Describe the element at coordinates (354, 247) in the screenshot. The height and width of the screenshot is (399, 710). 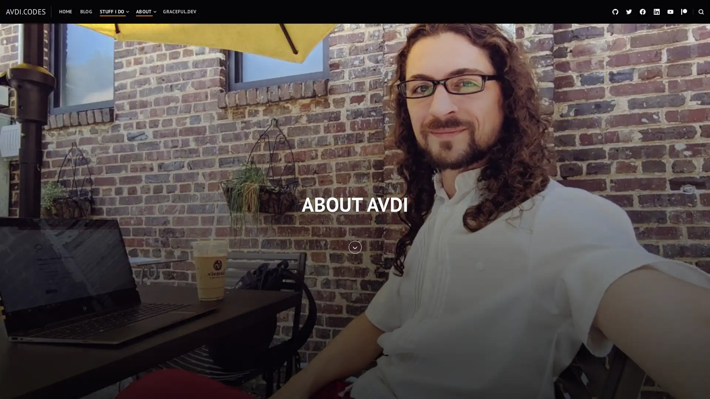
I see `SKIP TO ENTRY CONTENT` at that location.